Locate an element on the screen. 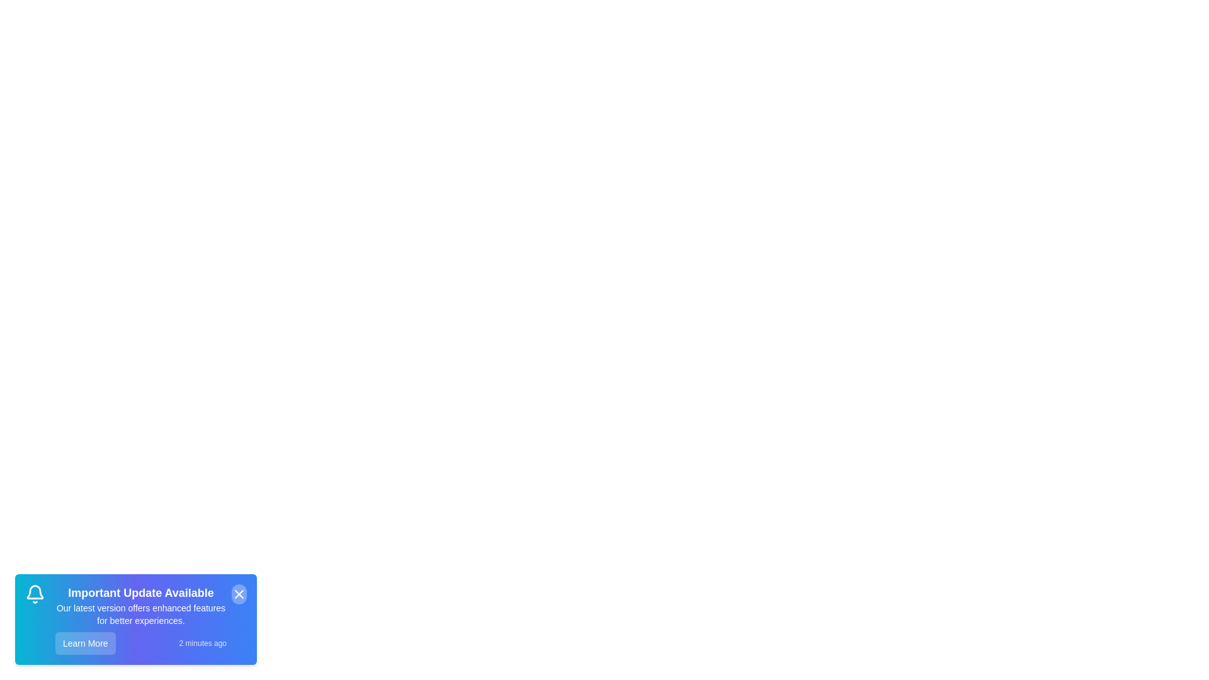 The image size is (1209, 680). the close button of the notification popup is located at coordinates (239, 594).